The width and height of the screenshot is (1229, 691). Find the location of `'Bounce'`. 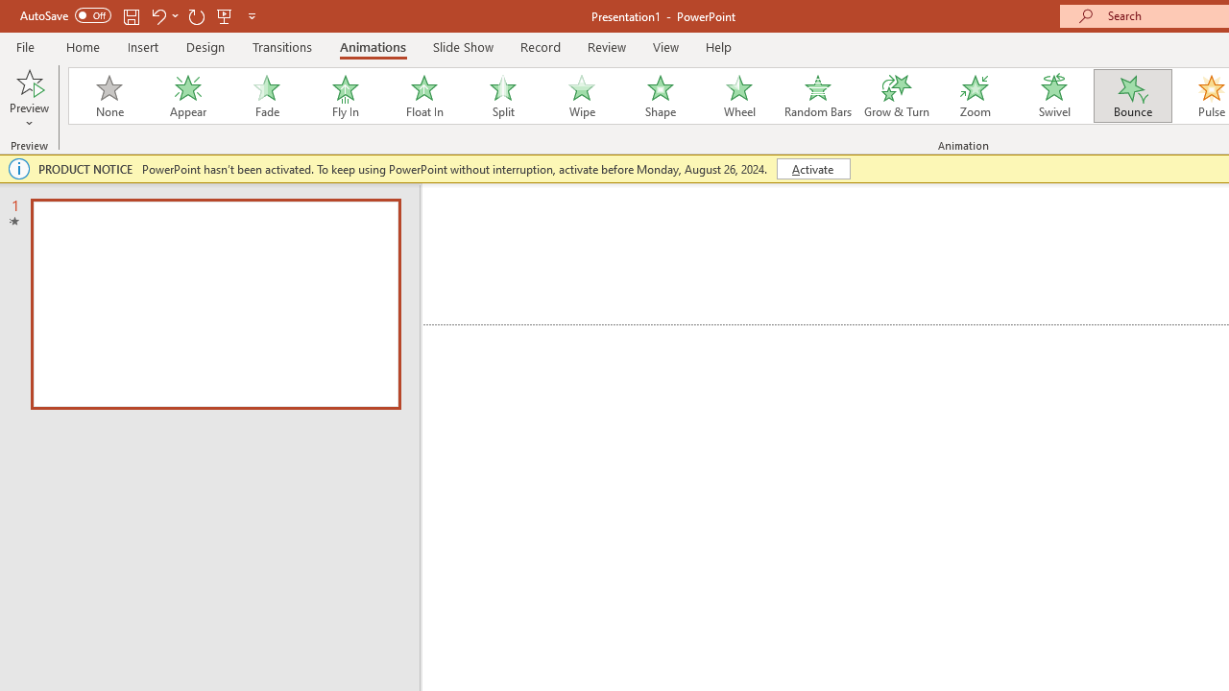

'Bounce' is located at coordinates (1133, 96).